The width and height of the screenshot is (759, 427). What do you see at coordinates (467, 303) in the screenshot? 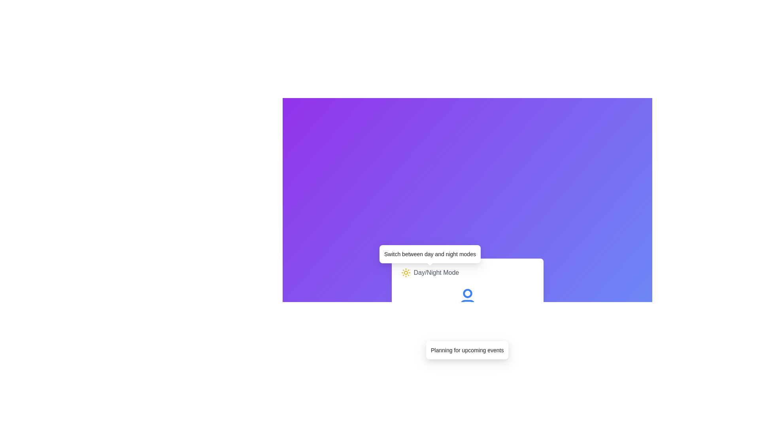
I see `the bottom half of the human figure icon that is part of a larger user profile icon, located below the circular head representation` at bounding box center [467, 303].